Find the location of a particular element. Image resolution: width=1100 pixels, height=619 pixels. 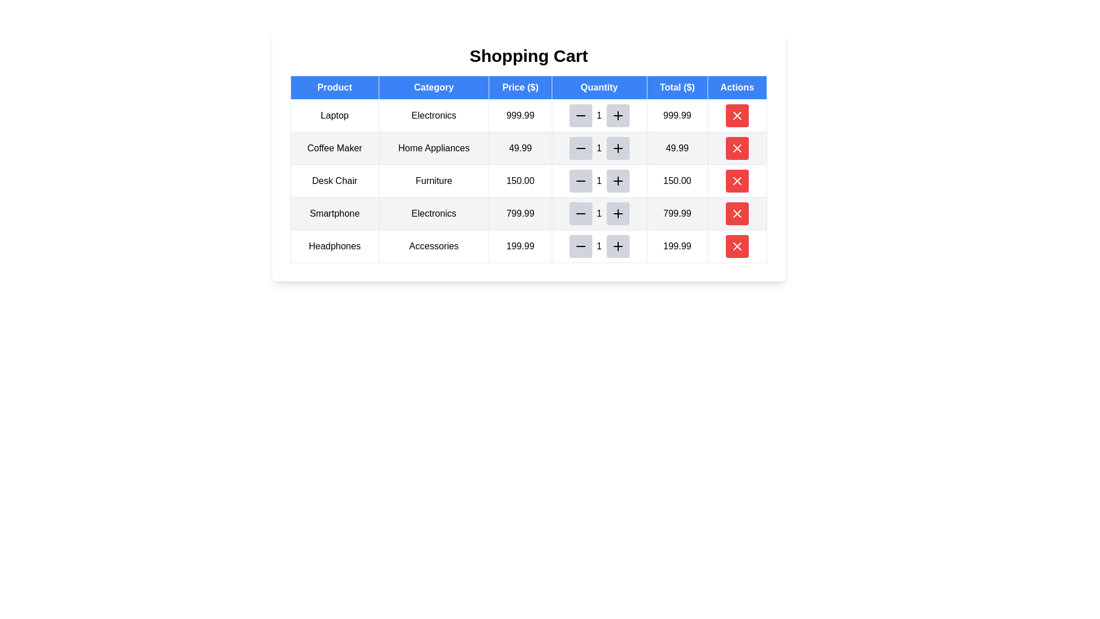

the delete button in the fifth row under the 'Actions' column is located at coordinates (737, 214).